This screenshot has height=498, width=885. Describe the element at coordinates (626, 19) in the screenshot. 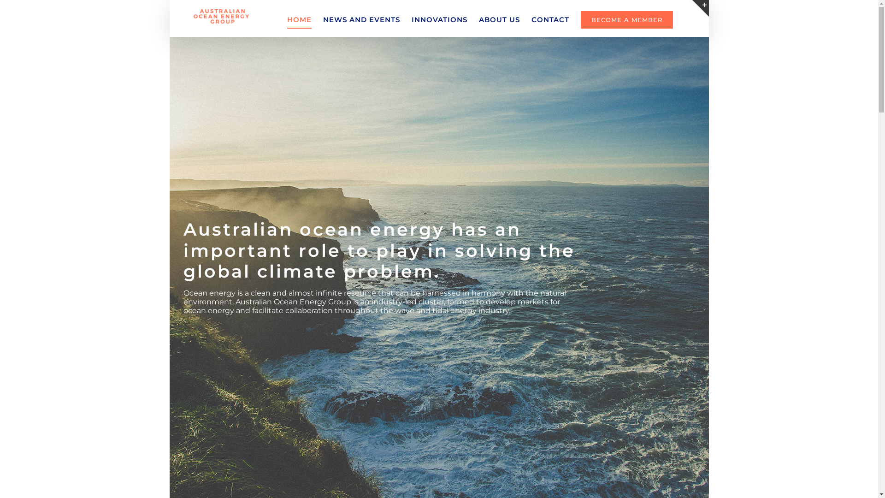

I see `'BECOME A MEMBER'` at that location.